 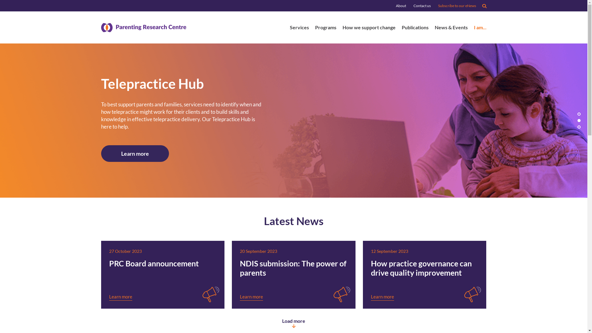 I want to click on 'News & Events', so click(x=451, y=28).